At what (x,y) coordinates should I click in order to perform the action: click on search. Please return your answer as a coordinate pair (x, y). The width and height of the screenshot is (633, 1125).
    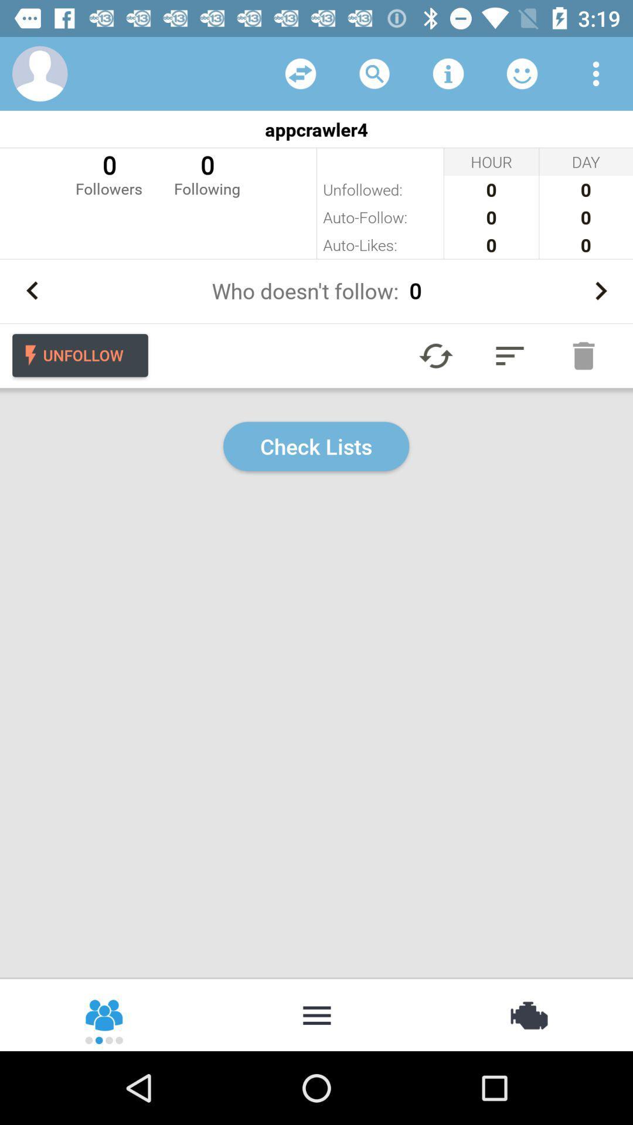
    Looking at the image, I should click on (375, 73).